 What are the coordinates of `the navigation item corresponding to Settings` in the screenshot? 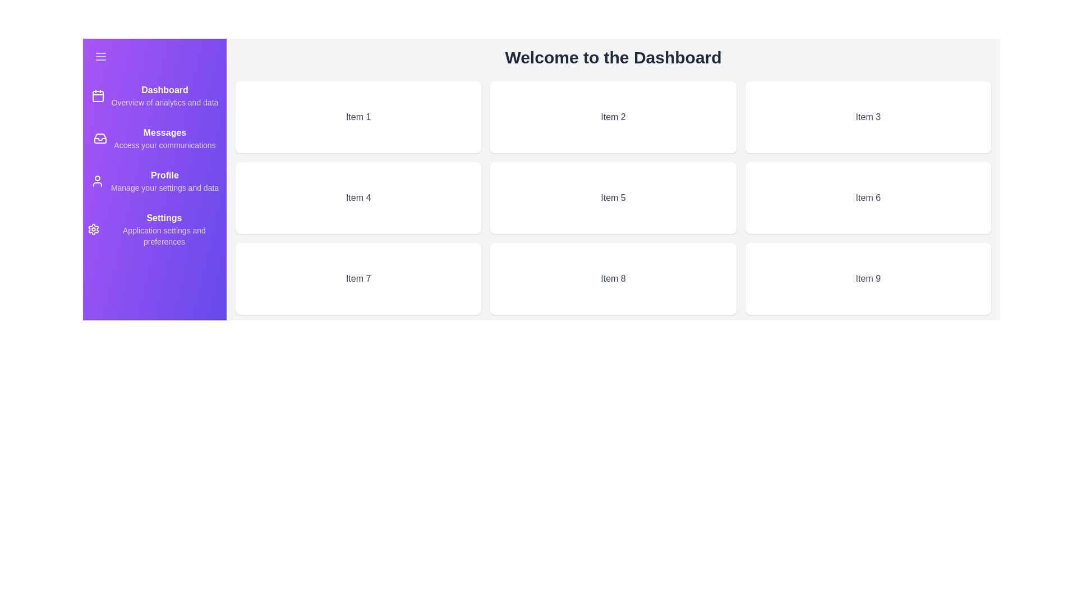 It's located at (154, 228).